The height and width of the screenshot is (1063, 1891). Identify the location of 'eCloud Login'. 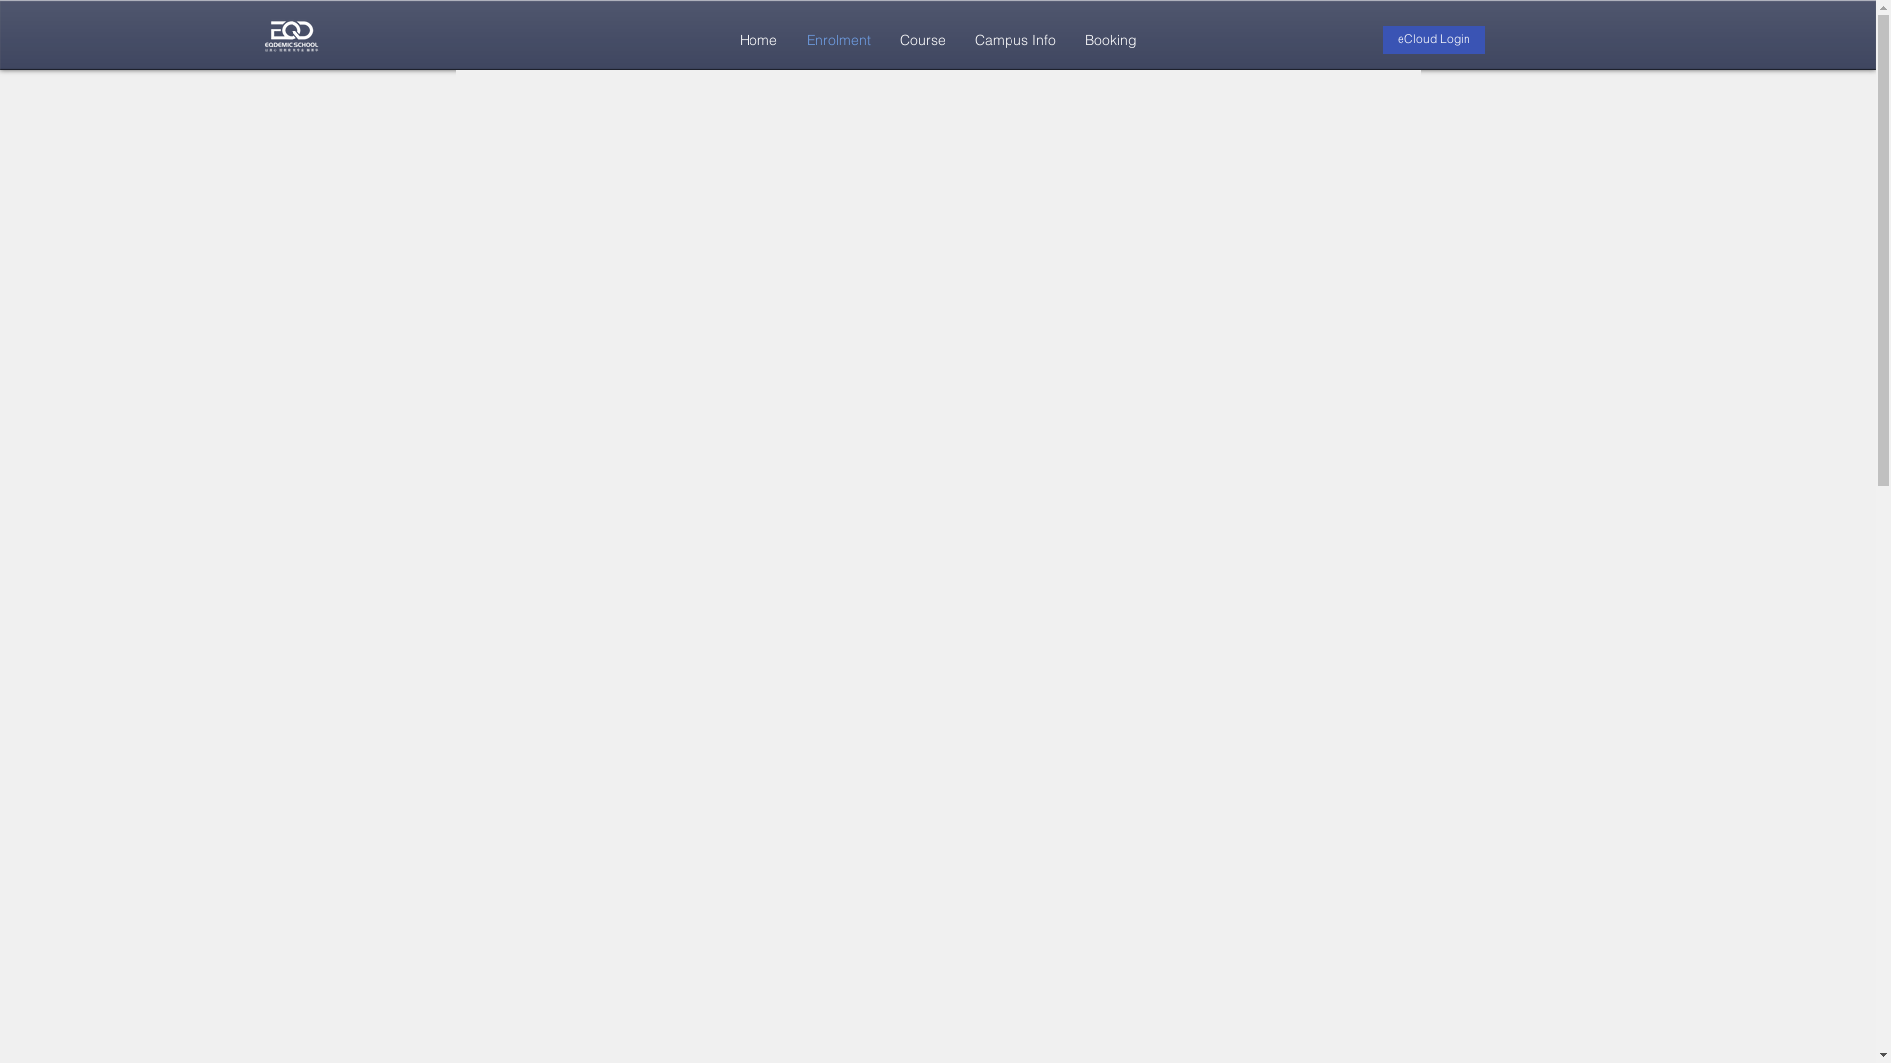
(1433, 39).